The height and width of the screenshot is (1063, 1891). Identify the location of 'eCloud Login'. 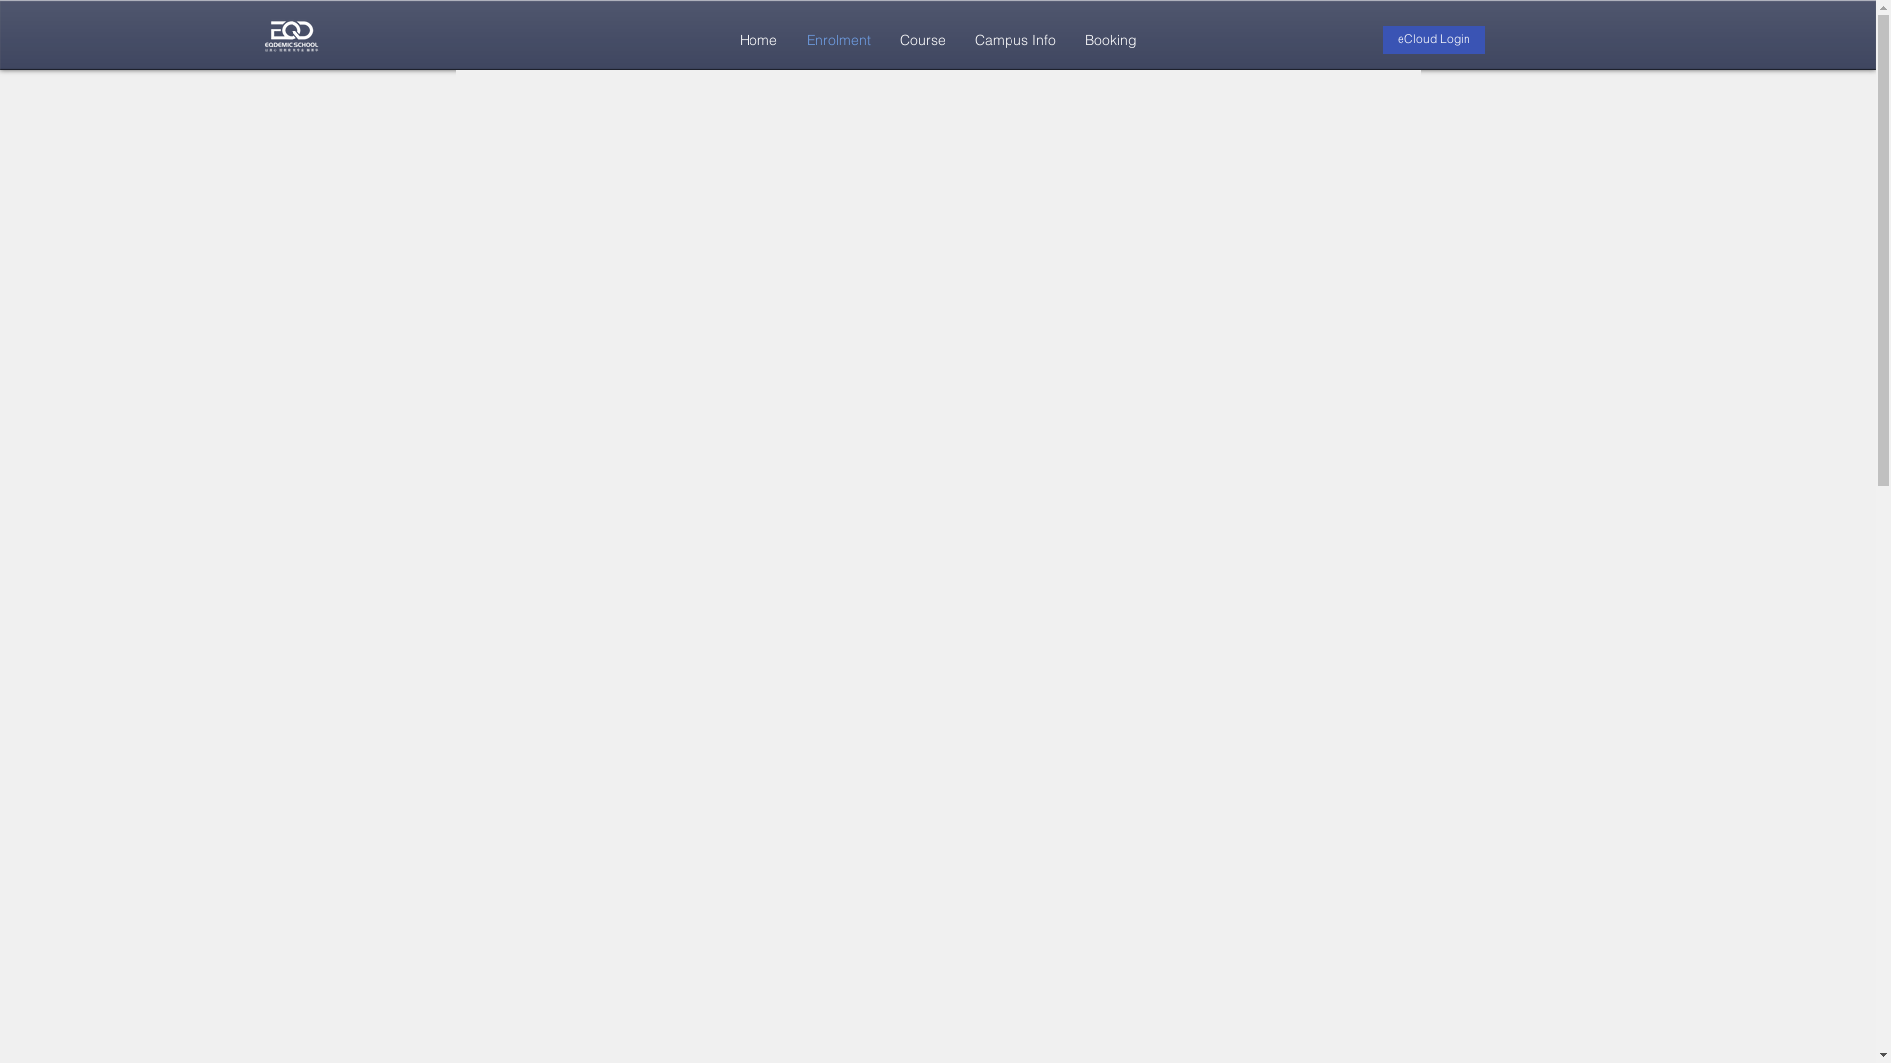
(1433, 39).